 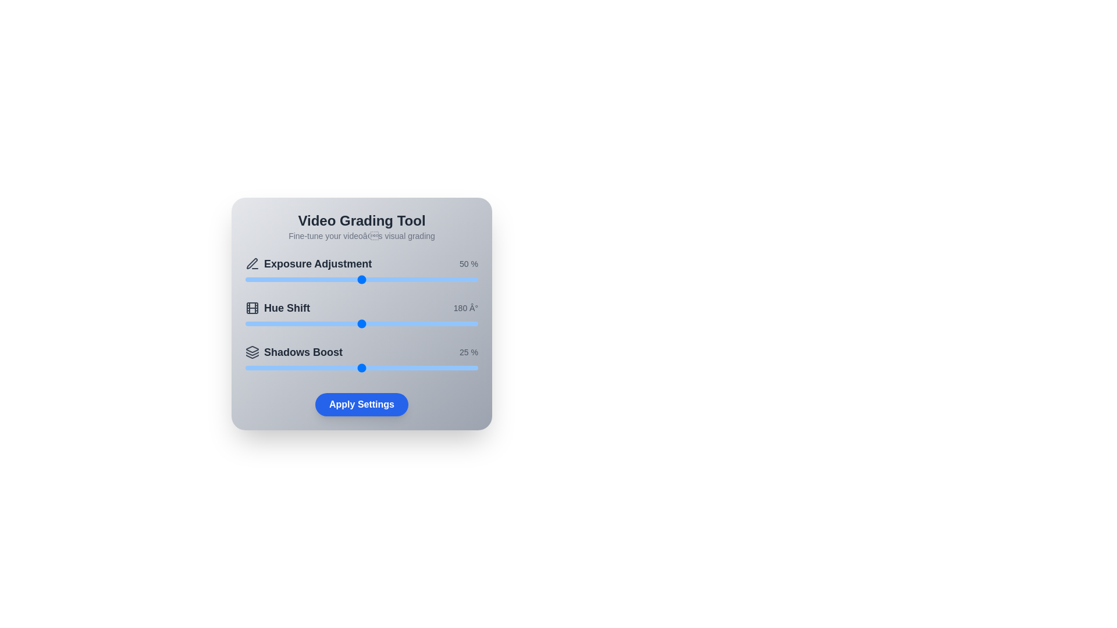 What do you see at coordinates (318, 264) in the screenshot?
I see `the 'Exposure Adjustment' label, which is styled in bold dark gray and positioned at the top of the settings controls in the Video Grading Tool panel` at bounding box center [318, 264].